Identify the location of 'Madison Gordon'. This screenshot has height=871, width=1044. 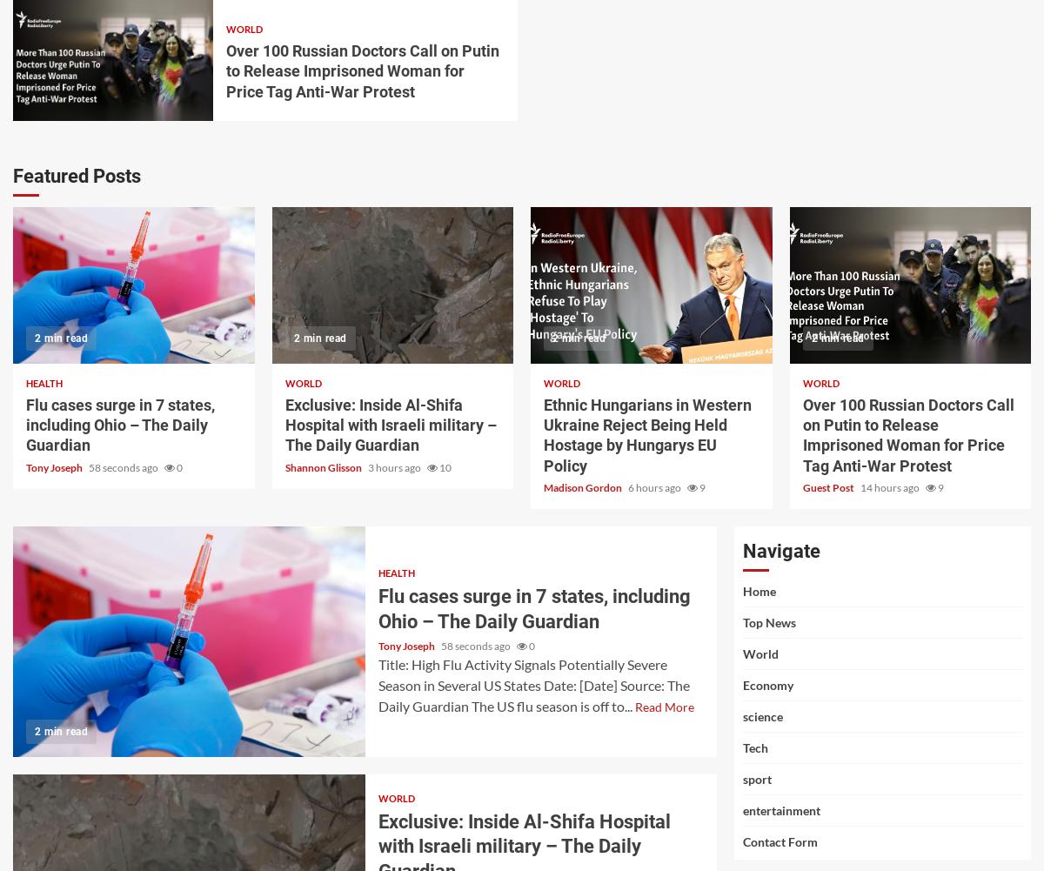
(584, 486).